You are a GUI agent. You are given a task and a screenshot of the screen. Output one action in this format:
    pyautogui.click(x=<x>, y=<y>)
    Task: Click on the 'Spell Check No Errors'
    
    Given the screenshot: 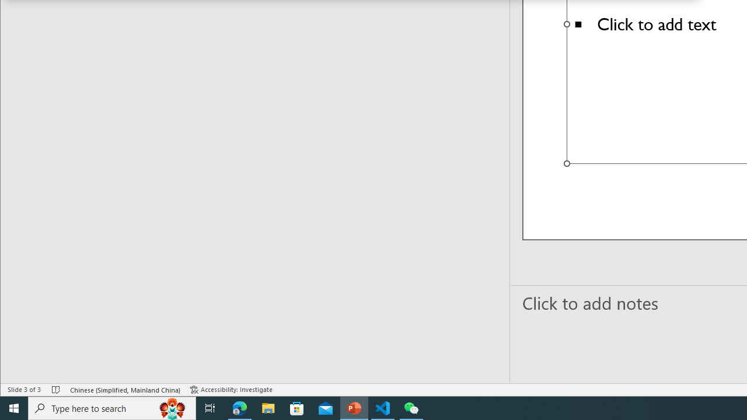 What is the action you would take?
    pyautogui.click(x=55, y=390)
    